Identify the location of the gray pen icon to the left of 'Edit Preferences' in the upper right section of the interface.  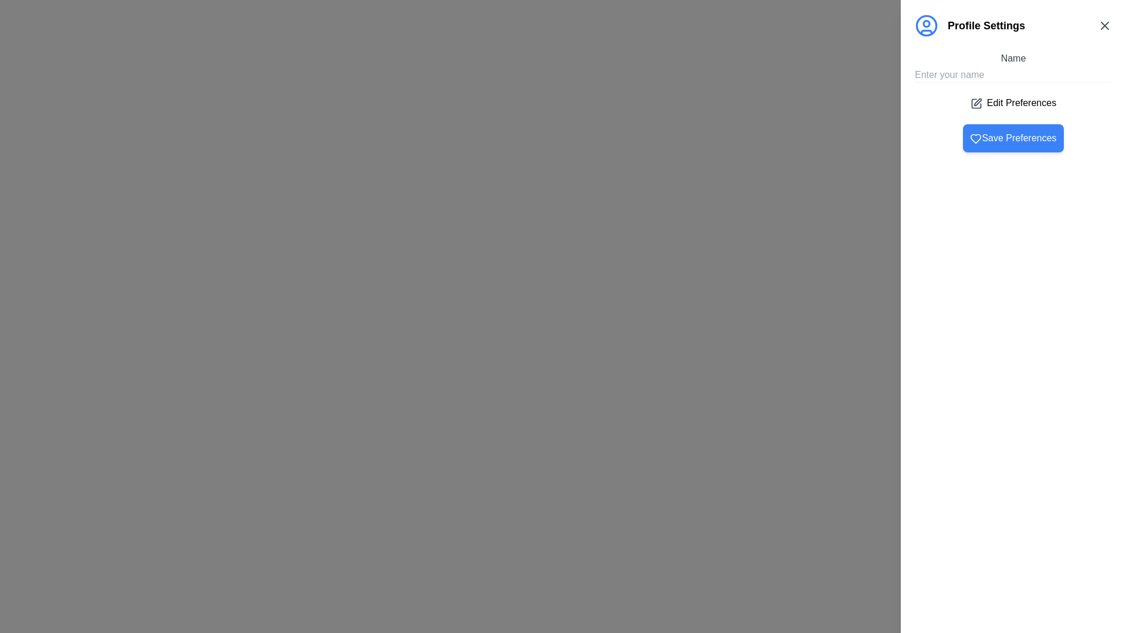
(976, 103).